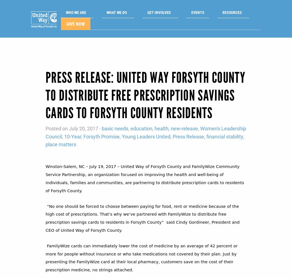 Image resolution: width=292 pixels, height=278 pixels. Describe the element at coordinates (224, 127) in the screenshot. I see `'financial stability'` at that location.